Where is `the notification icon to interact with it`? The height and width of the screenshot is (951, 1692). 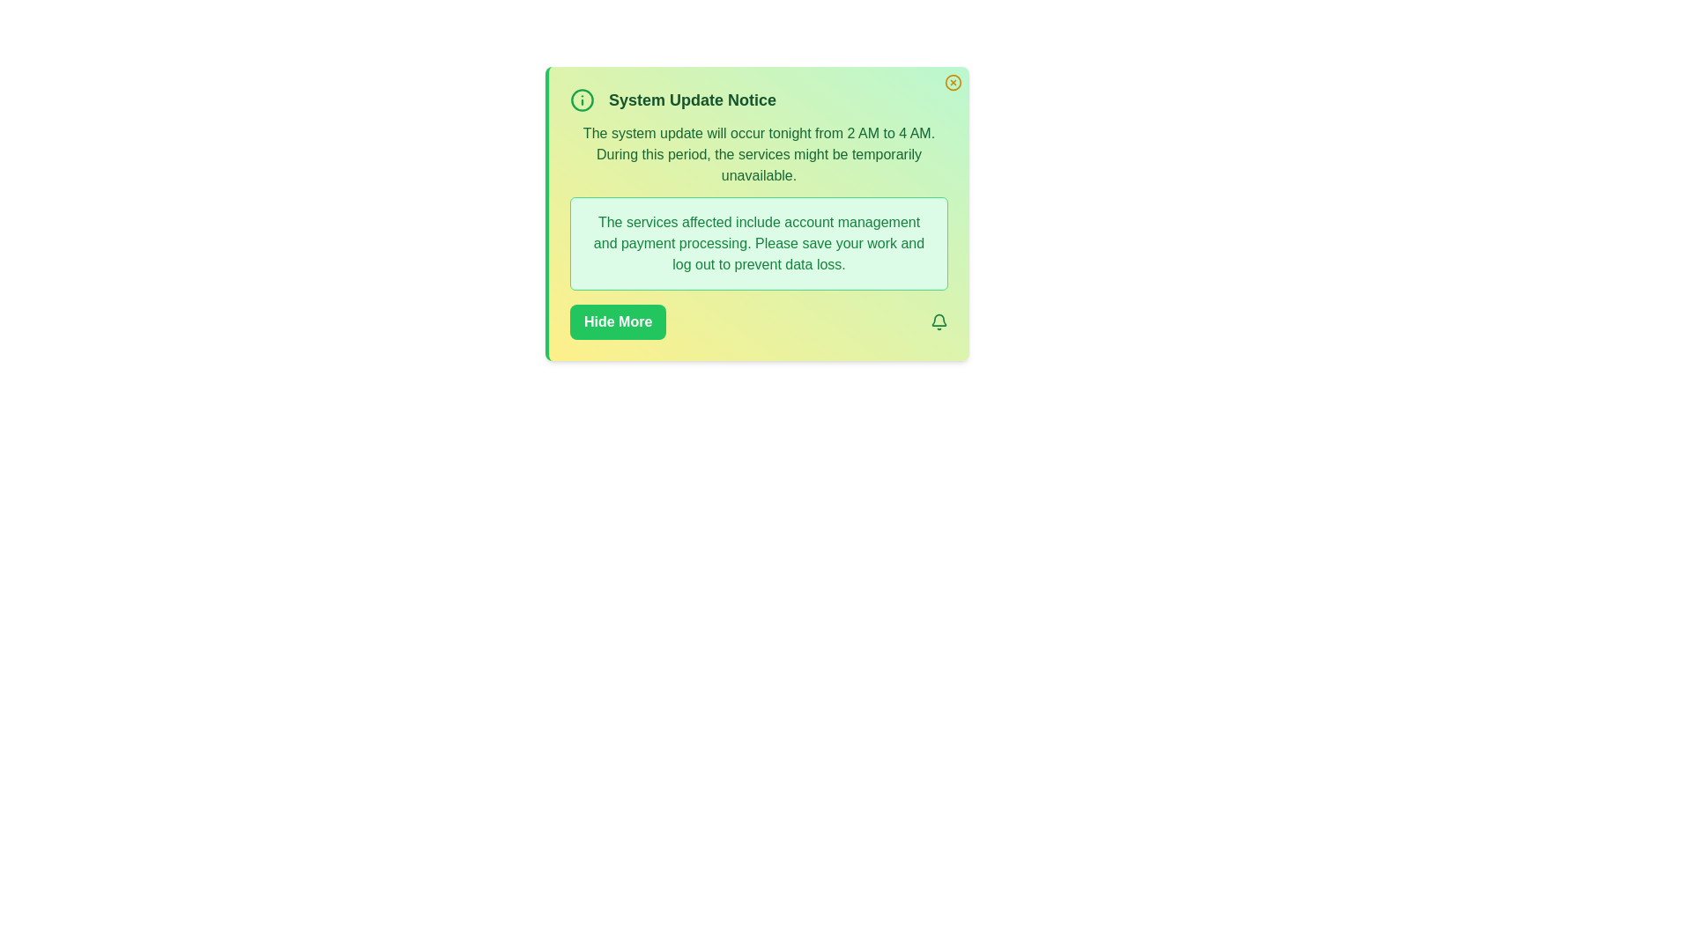
the notification icon to interact with it is located at coordinates (938, 322).